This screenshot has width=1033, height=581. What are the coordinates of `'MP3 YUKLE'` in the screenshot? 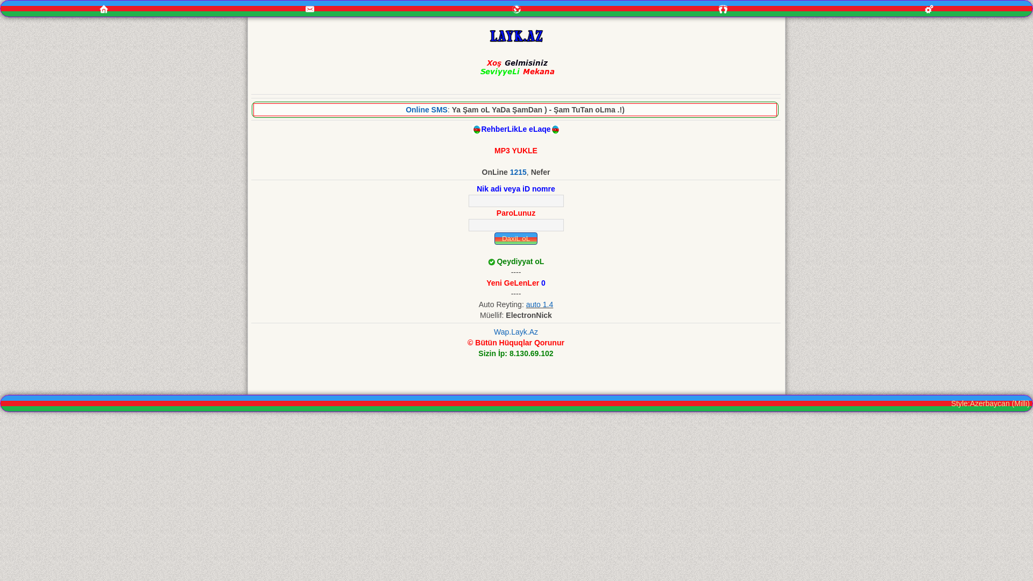 It's located at (515, 151).